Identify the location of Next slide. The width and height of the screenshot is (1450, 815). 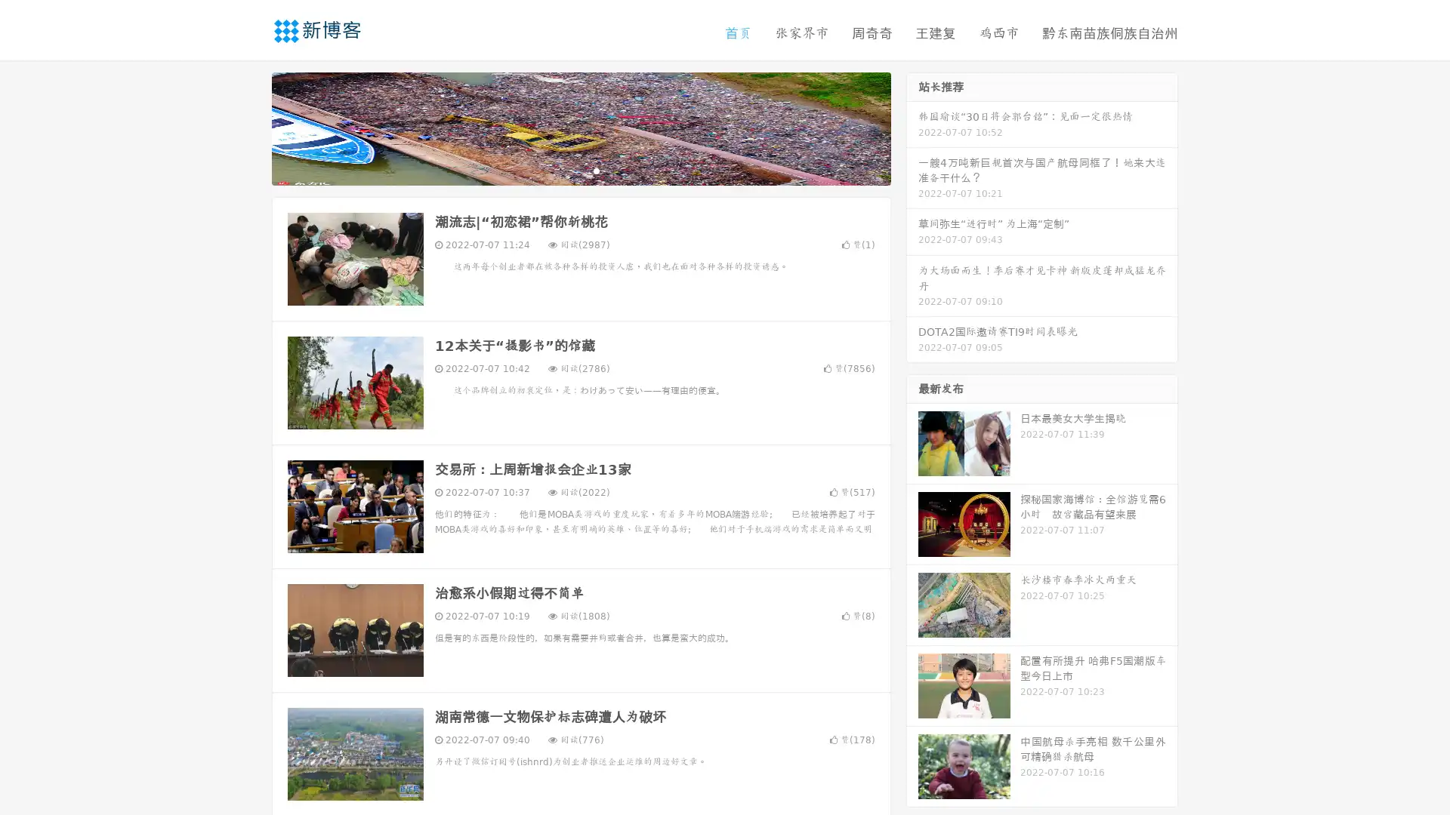
(912, 127).